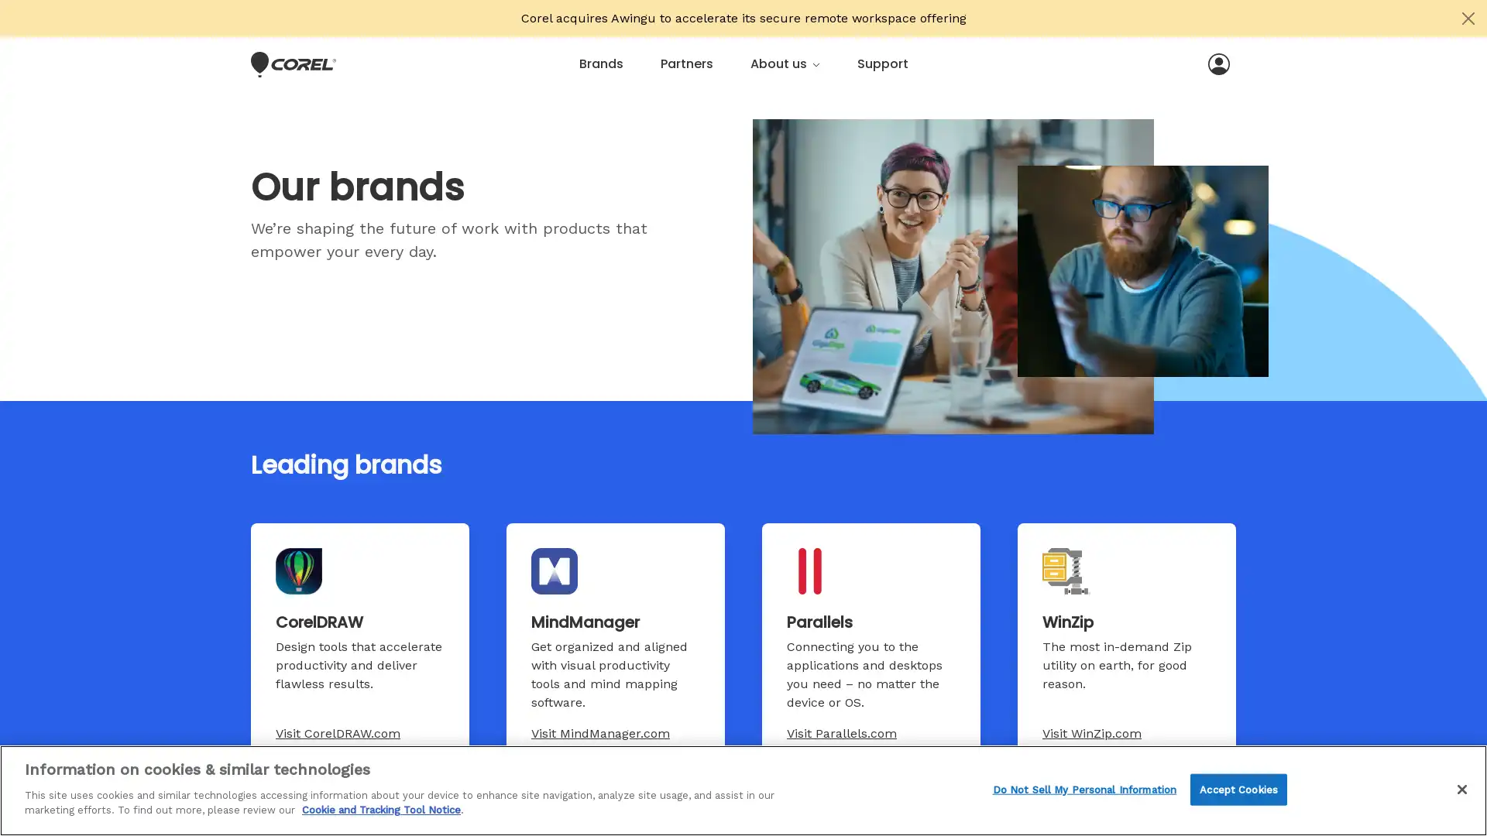 The width and height of the screenshot is (1487, 836). What do you see at coordinates (1083, 789) in the screenshot?
I see `Do Not Sell My Personal Information` at bounding box center [1083, 789].